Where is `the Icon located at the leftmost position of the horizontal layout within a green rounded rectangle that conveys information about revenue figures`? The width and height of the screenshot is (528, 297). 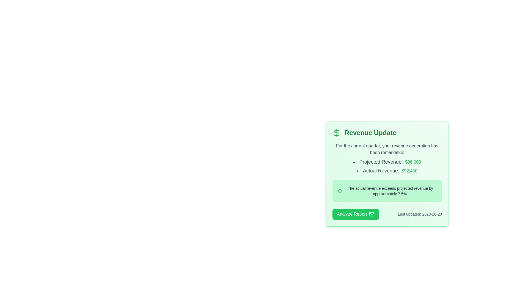 the Icon located at the leftmost position of the horizontal layout within a green rounded rectangle that conveys information about revenue figures is located at coordinates (340, 191).